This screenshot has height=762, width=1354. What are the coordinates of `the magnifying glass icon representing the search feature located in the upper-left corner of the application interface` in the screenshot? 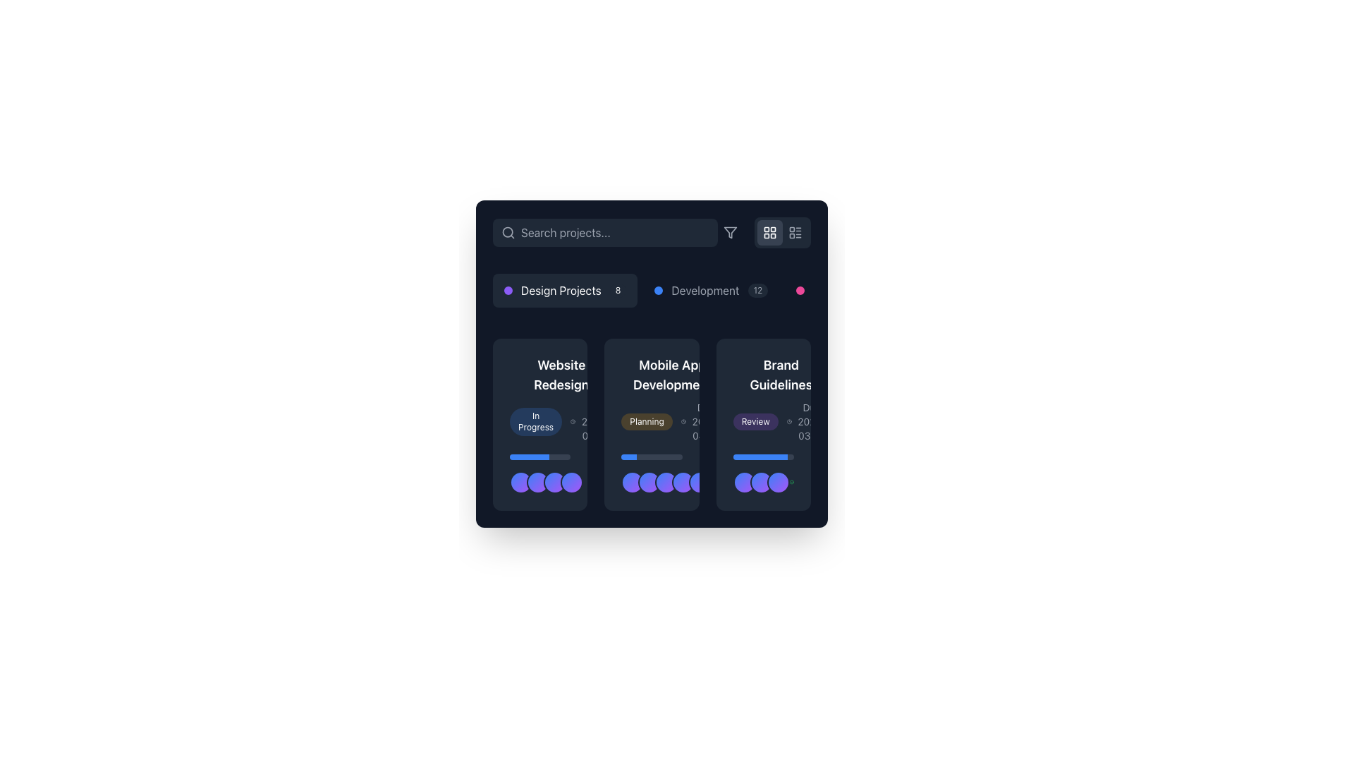 It's located at (508, 231).